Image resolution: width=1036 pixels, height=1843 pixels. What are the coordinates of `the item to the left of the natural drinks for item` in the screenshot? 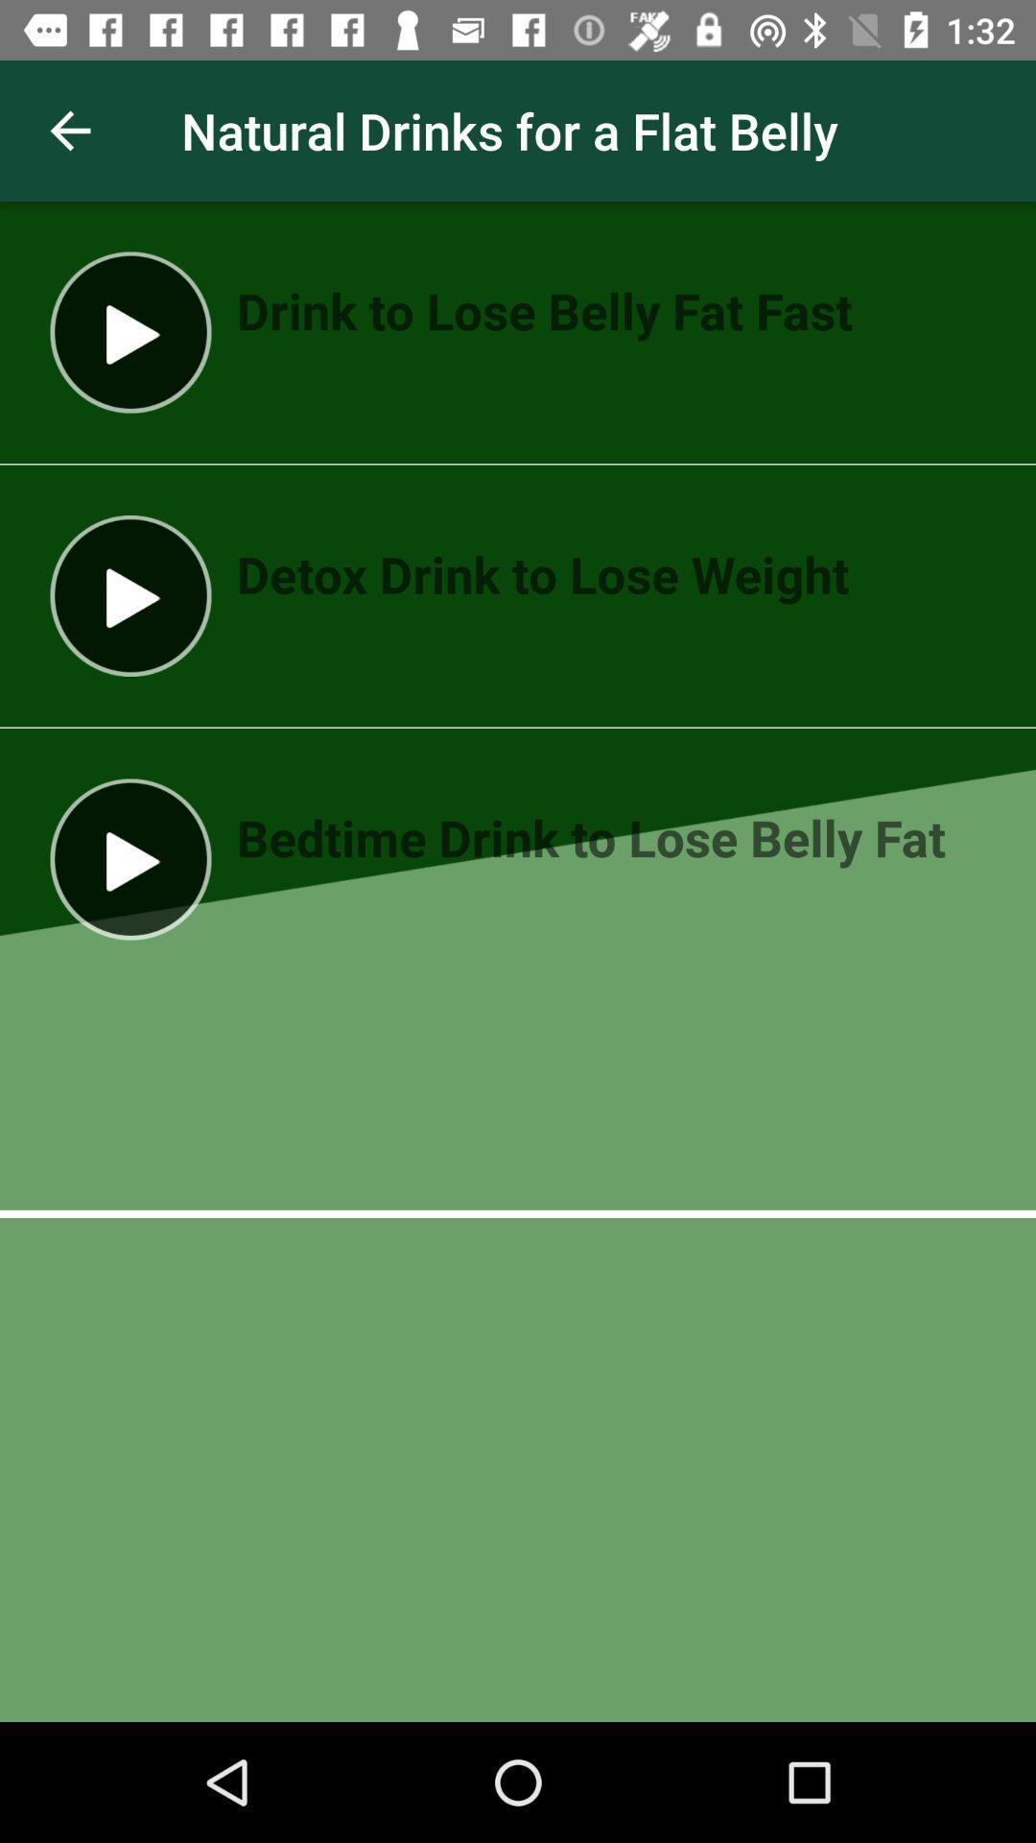 It's located at (69, 130).